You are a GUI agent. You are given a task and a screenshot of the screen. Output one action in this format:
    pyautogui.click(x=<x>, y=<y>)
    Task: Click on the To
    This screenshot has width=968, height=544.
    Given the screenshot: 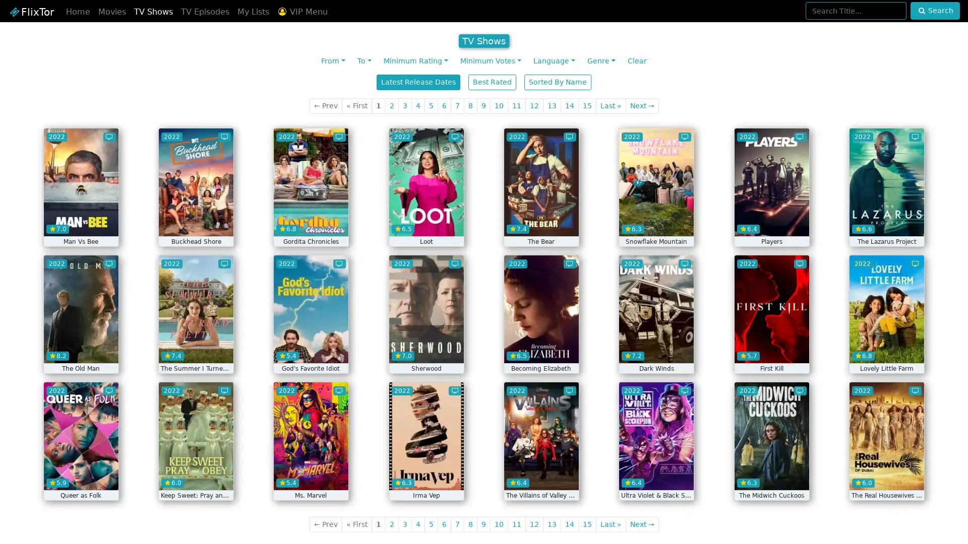 What is the action you would take?
    pyautogui.click(x=364, y=61)
    